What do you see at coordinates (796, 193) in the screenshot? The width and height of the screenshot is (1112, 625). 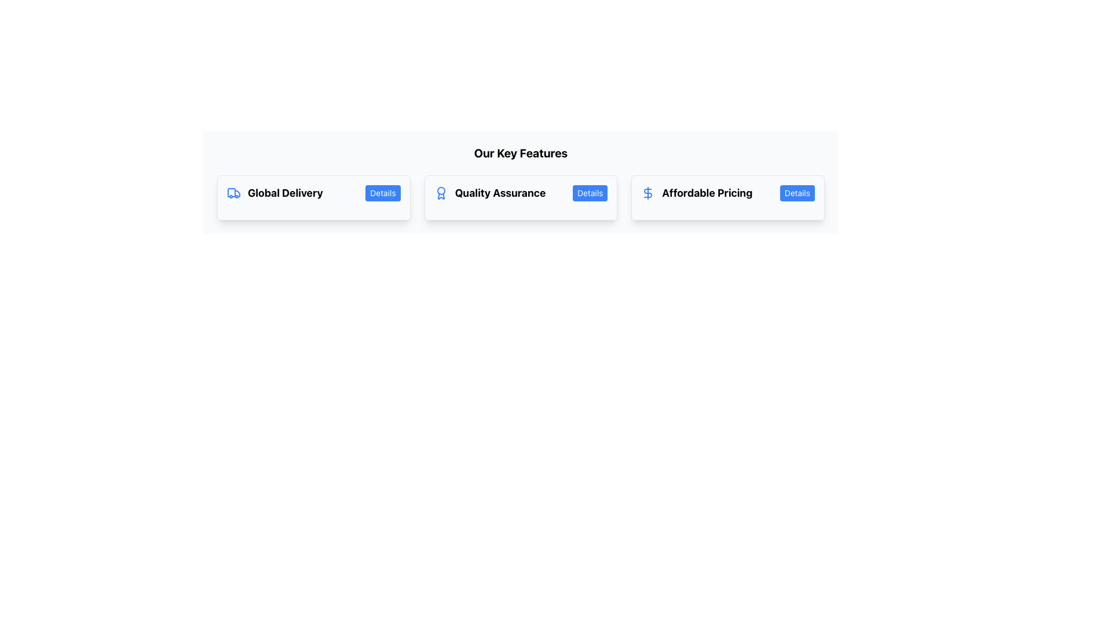 I see `the rounded rectangular blue button labeled 'Details'` at bounding box center [796, 193].